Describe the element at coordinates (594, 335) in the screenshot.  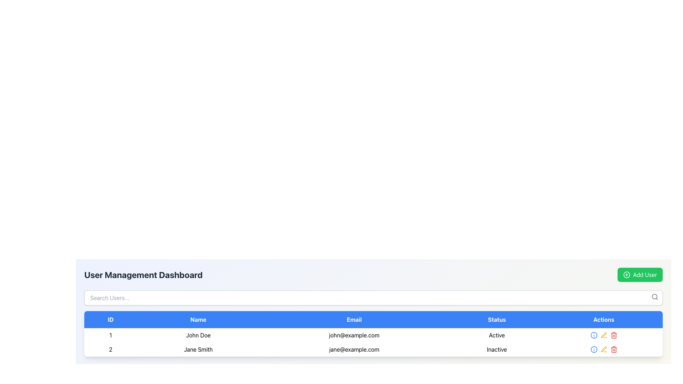
I see `the blue circular info icon located in the 'Actions' column of the second row in the user management dashboard` at that location.